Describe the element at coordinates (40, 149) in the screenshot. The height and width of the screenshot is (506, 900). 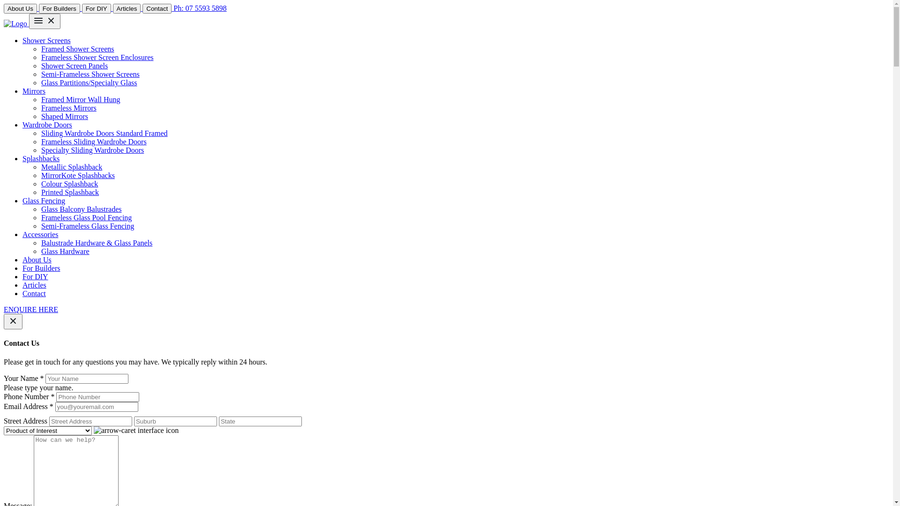
I see `'Specialty Sliding Wardrobe Doors'` at that location.